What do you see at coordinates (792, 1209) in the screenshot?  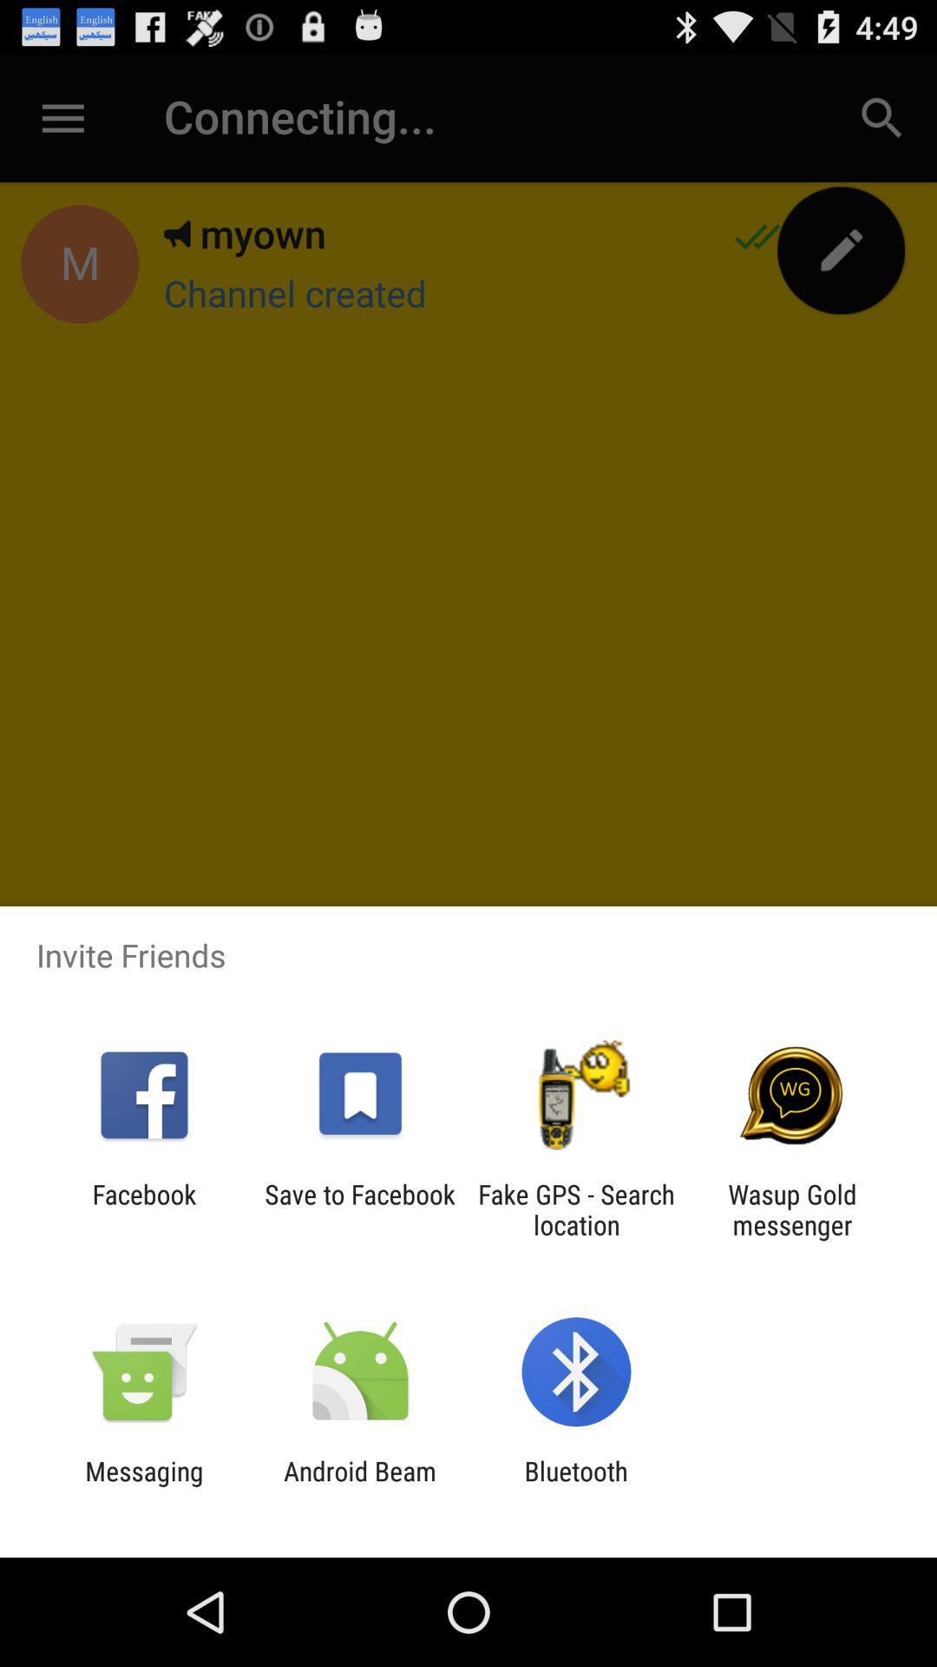 I see `wasup gold messenger` at bounding box center [792, 1209].